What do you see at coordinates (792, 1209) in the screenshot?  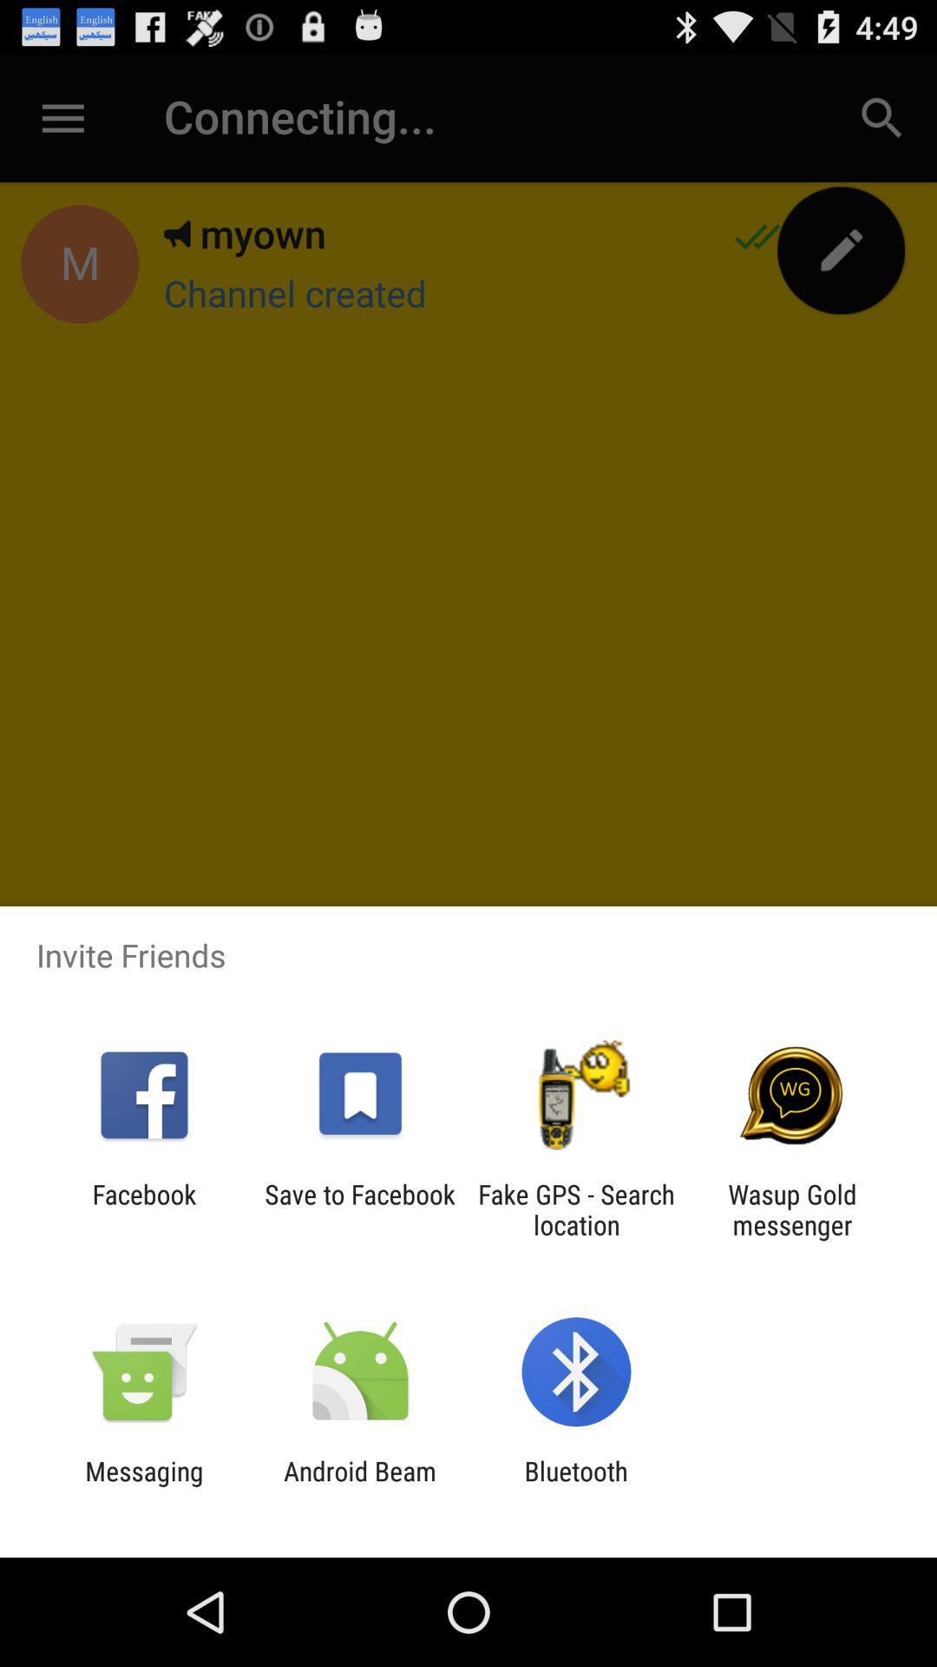 I see `wasup gold messenger` at bounding box center [792, 1209].